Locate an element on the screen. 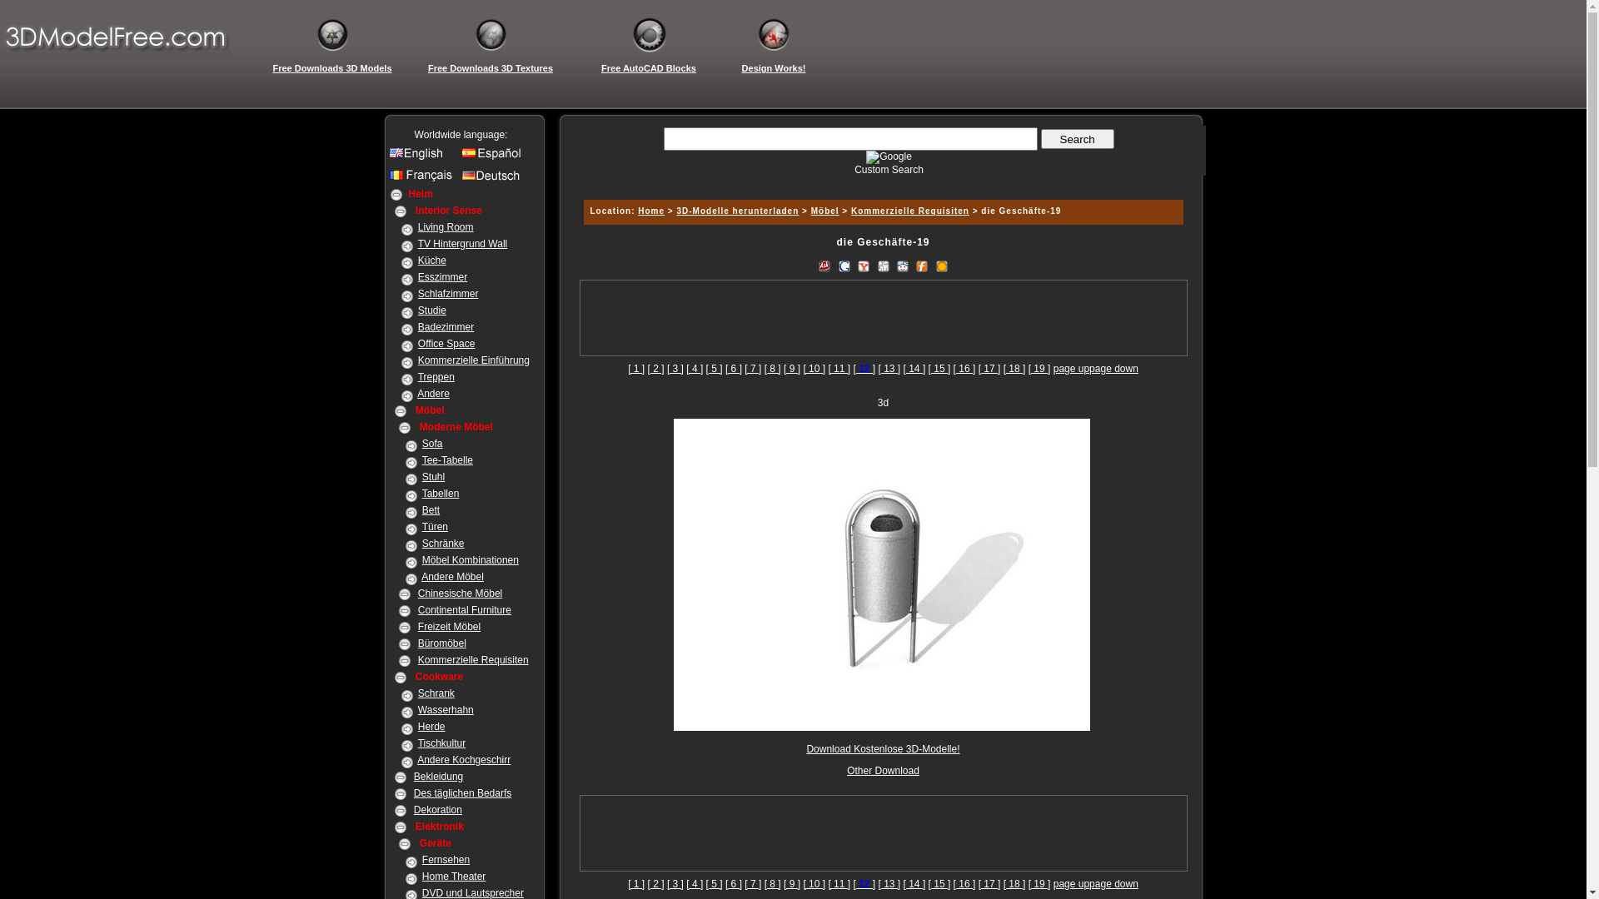 The width and height of the screenshot is (1599, 899). '[ 12 ]' is located at coordinates (852, 882).